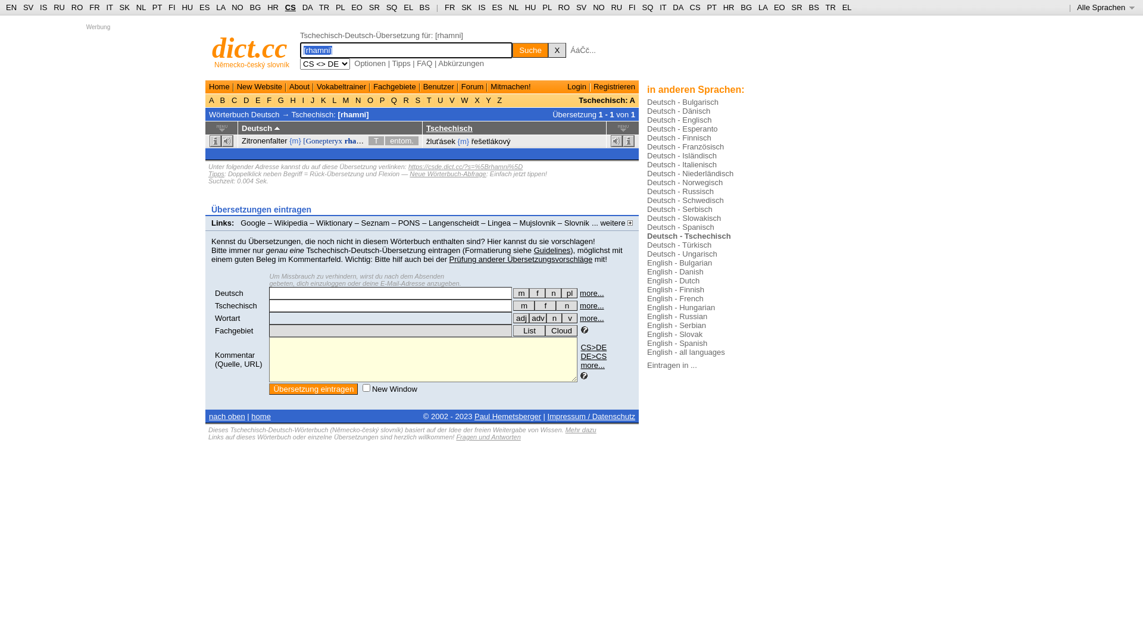 This screenshot has height=643, width=1143. I want to click on 'DA', so click(677, 7).